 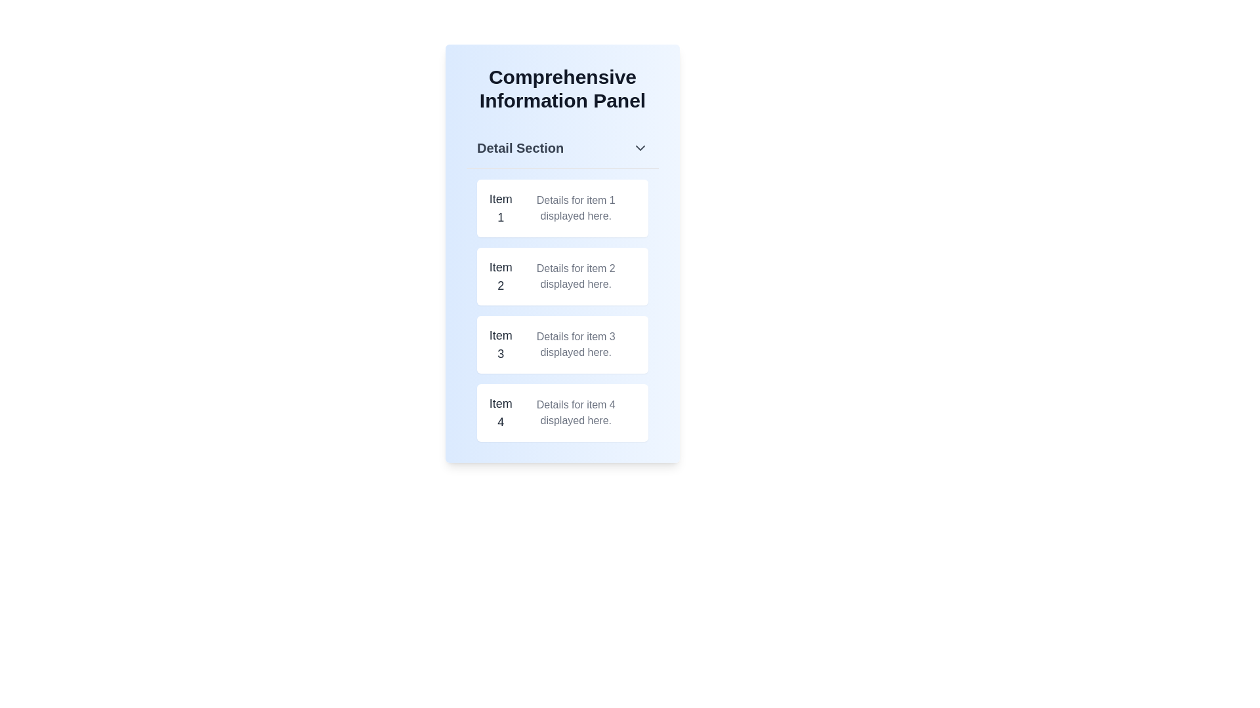 I want to click on the Collapsible or Dropdown Header, so click(x=562, y=148).